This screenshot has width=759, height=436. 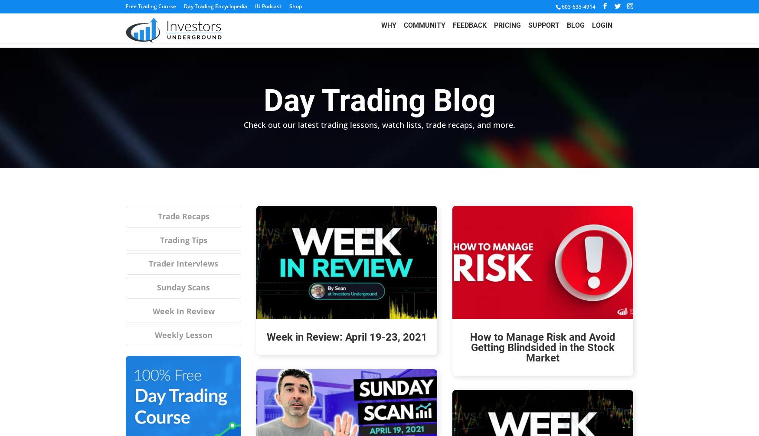 I want to click on '603-635-4914', so click(x=579, y=7).